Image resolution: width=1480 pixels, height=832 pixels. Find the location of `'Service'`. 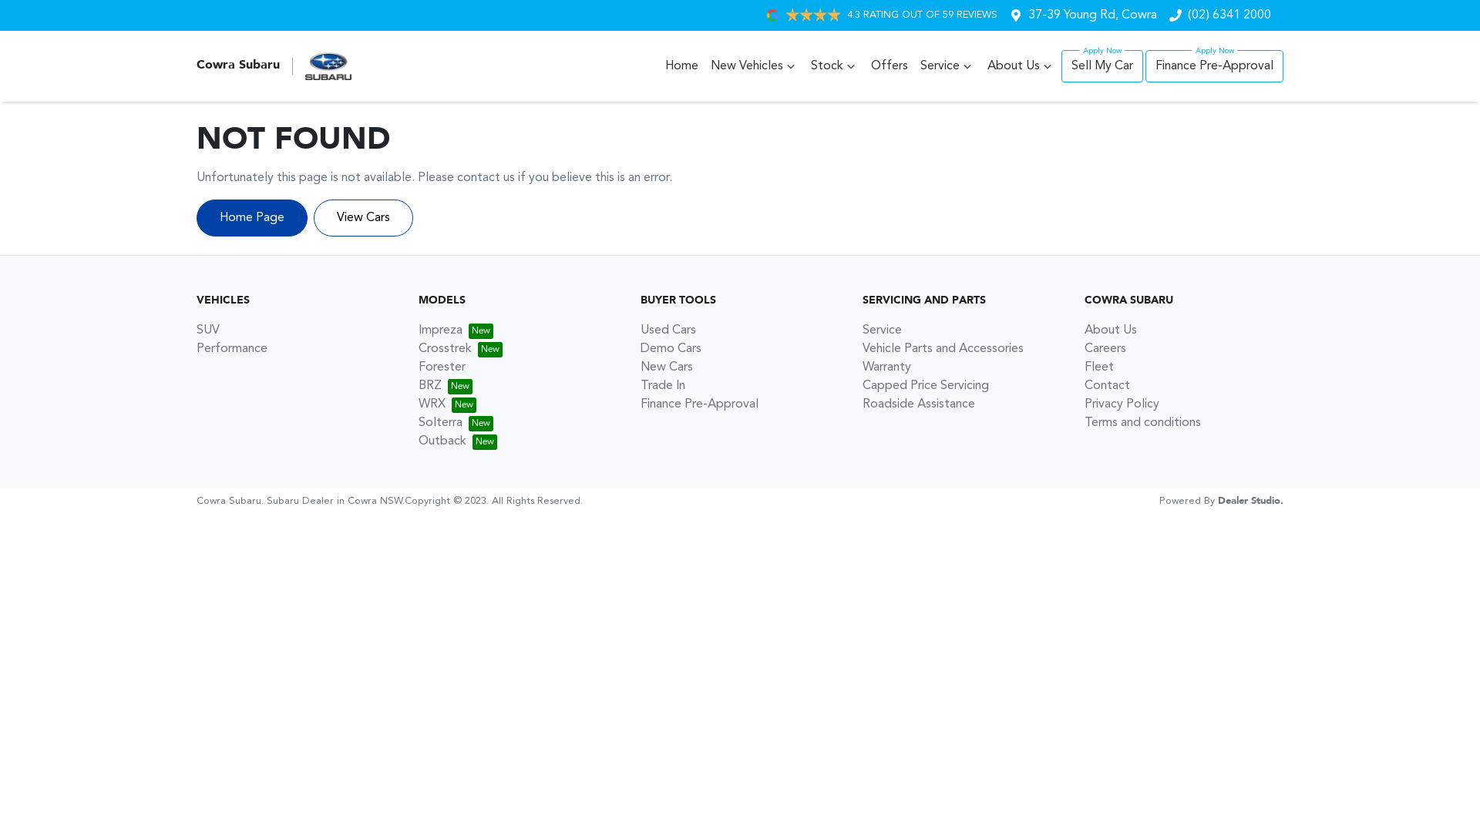

'Service' is located at coordinates (882, 329).